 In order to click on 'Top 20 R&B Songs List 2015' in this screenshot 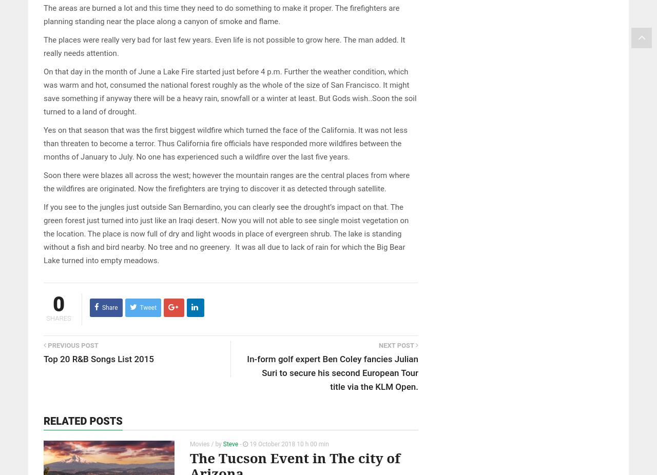, I will do `click(99, 359)`.